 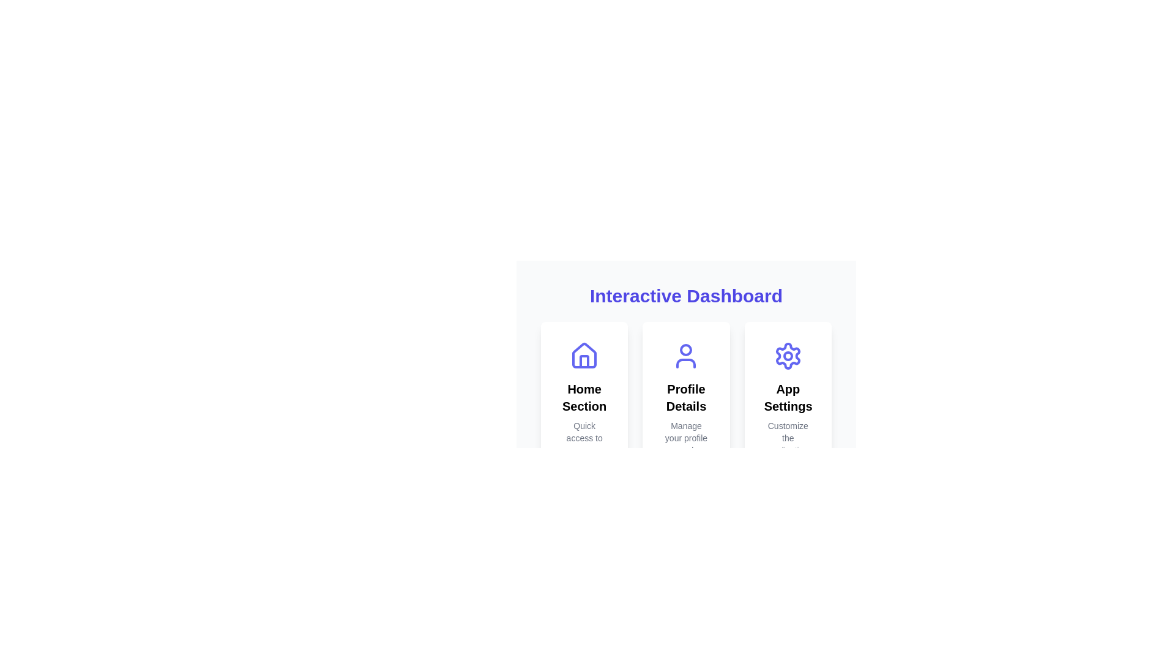 What do you see at coordinates (788, 356) in the screenshot?
I see `the vibrant purple cog-shaped icon in the rightmost card under the 'Interactive Dashboard' heading` at bounding box center [788, 356].